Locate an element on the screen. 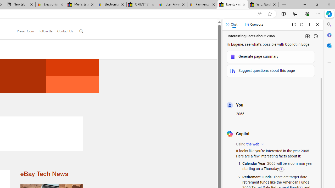  'Compose' is located at coordinates (254, 24).